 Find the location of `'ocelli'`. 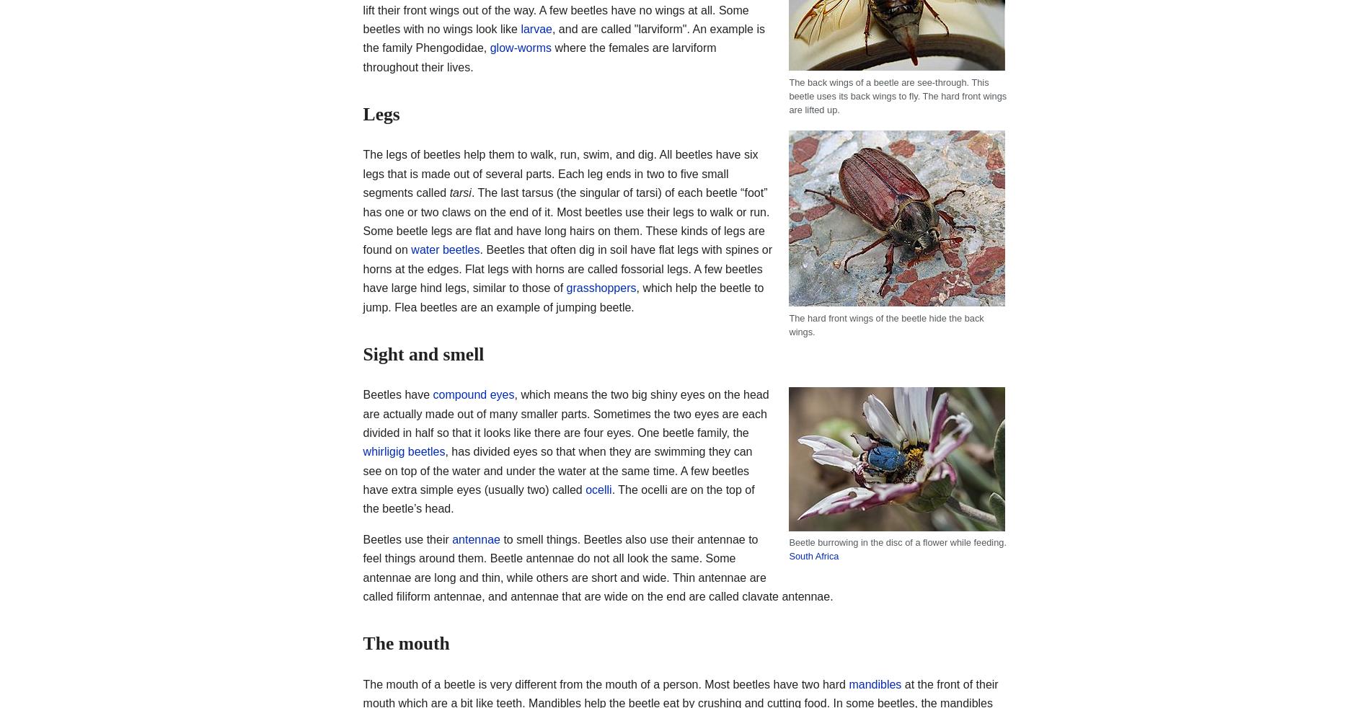

'ocelli' is located at coordinates (597, 489).